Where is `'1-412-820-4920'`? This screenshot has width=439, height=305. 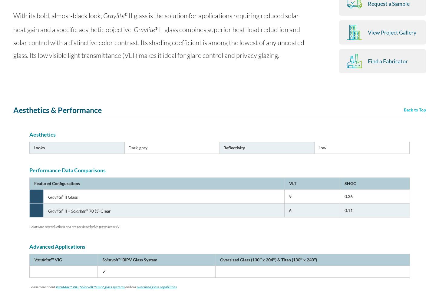 '1-412-820-4920' is located at coordinates (199, 264).